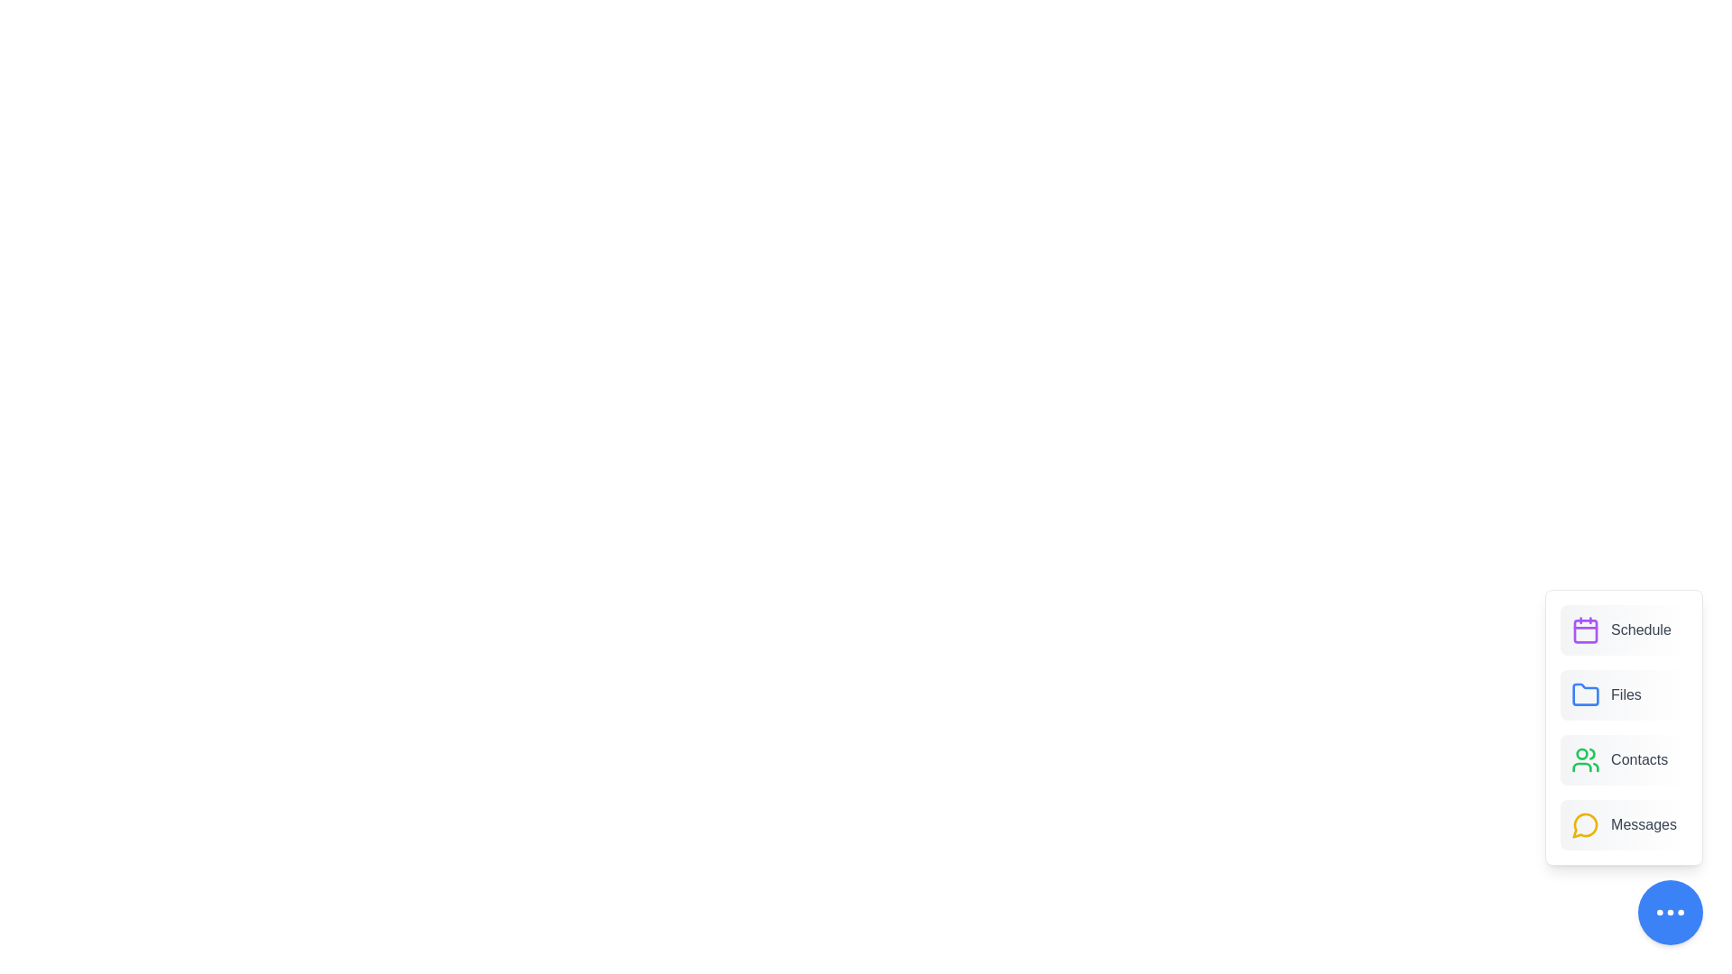 This screenshot has width=1732, height=974. I want to click on the action dial button to toggle the visibility of options, so click(1670, 912).